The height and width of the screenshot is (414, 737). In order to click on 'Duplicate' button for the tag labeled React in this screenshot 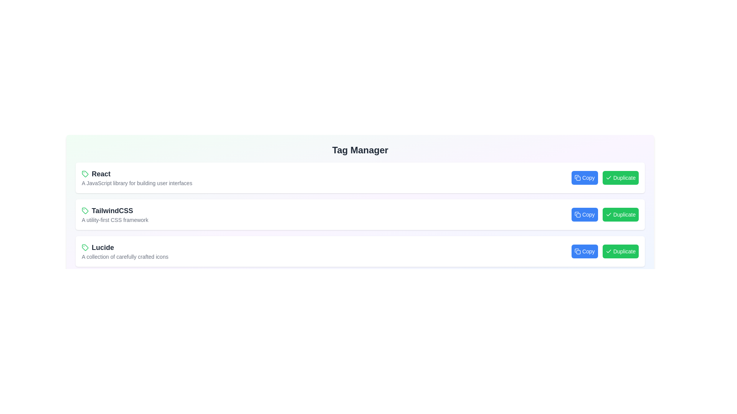, I will do `click(620, 177)`.